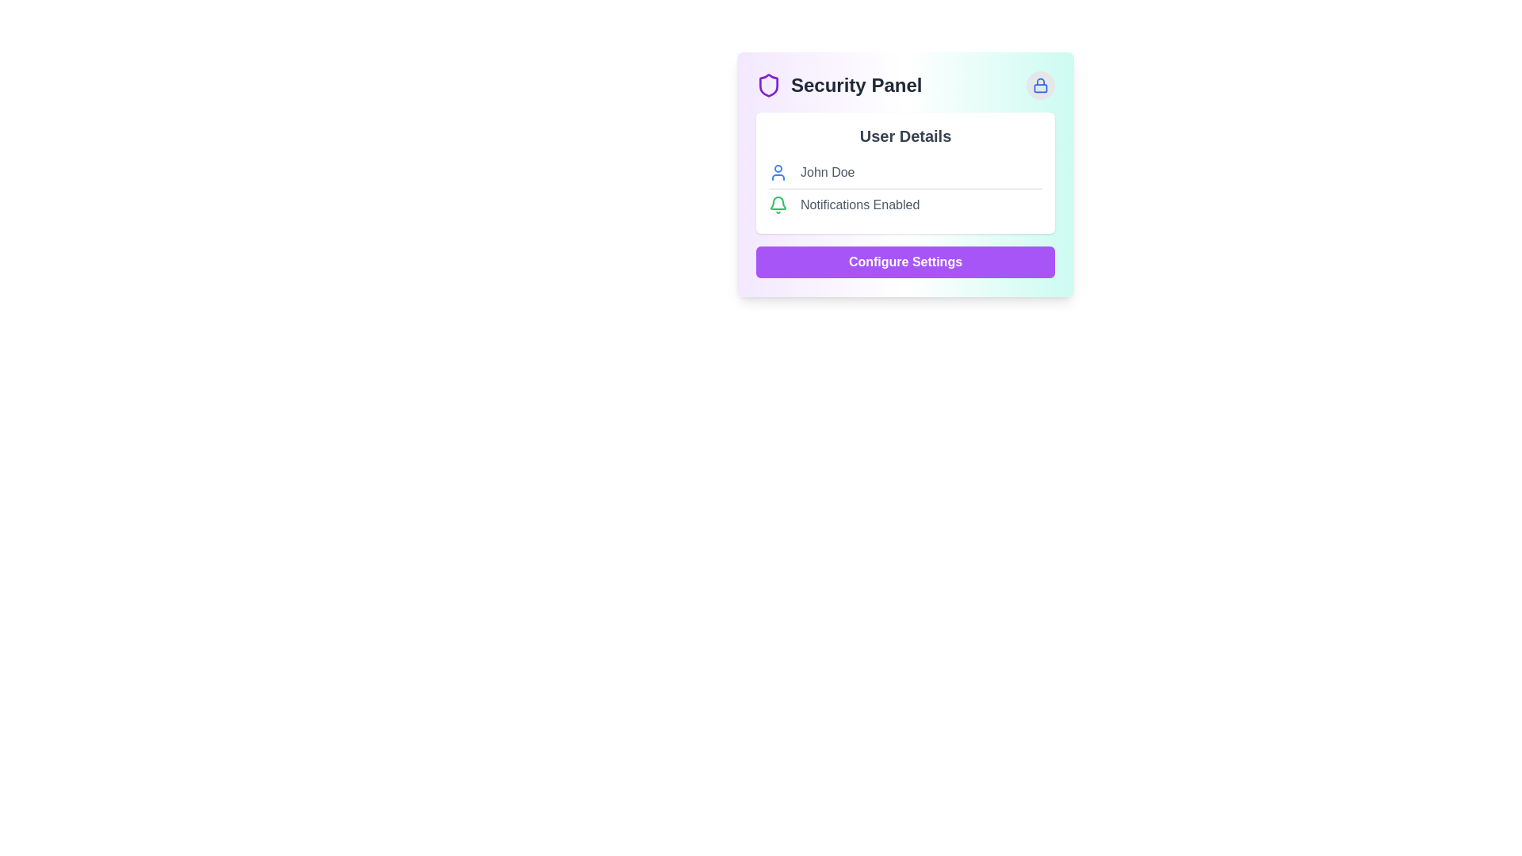 This screenshot has width=1522, height=856. Describe the element at coordinates (838, 86) in the screenshot. I see `the 'Security Panel' label with a shield icon, which is styled in bold and large font and located near the top-left corner of a card-like component` at that location.